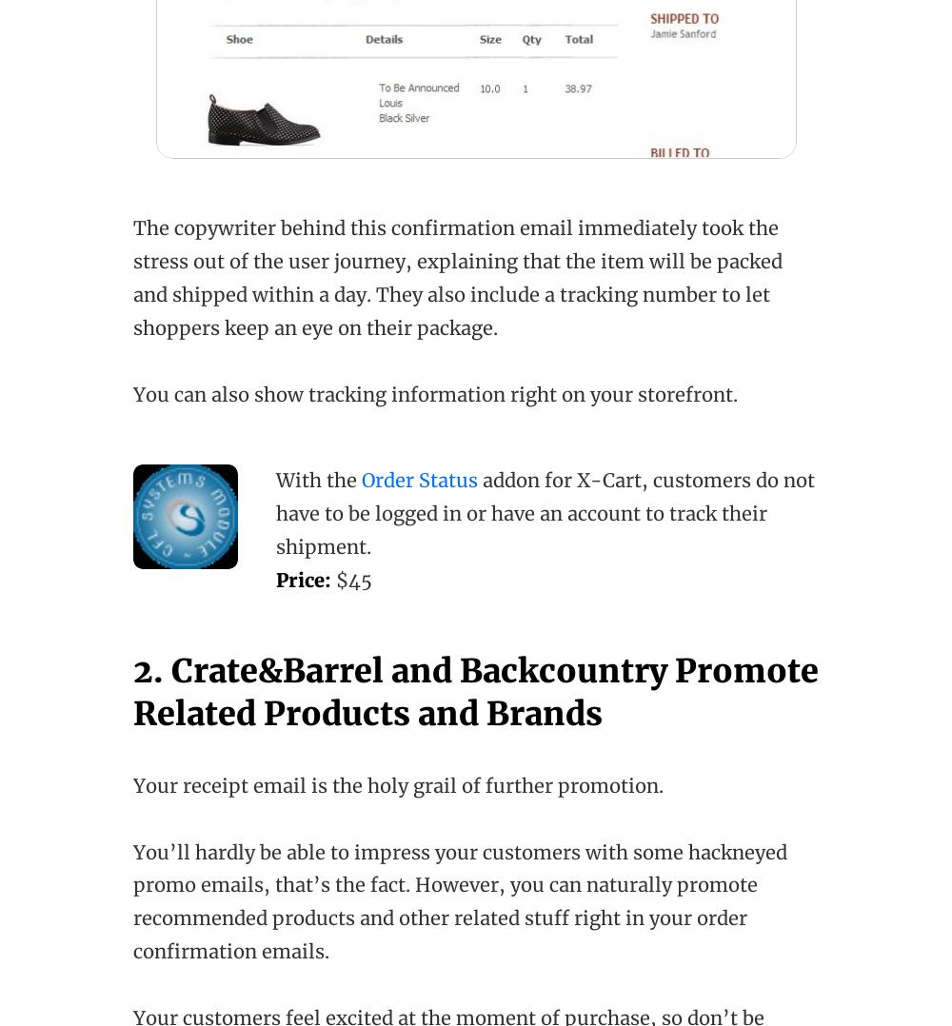 This screenshot has height=1026, width=952. What do you see at coordinates (133, 900) in the screenshot?
I see `'You’ll hardly be able to impress your customers with some hackneyed promo emails, that’s the fact. However, you can naturally promote recommended products and other related stuff right in your order confirmation emails.'` at bounding box center [133, 900].